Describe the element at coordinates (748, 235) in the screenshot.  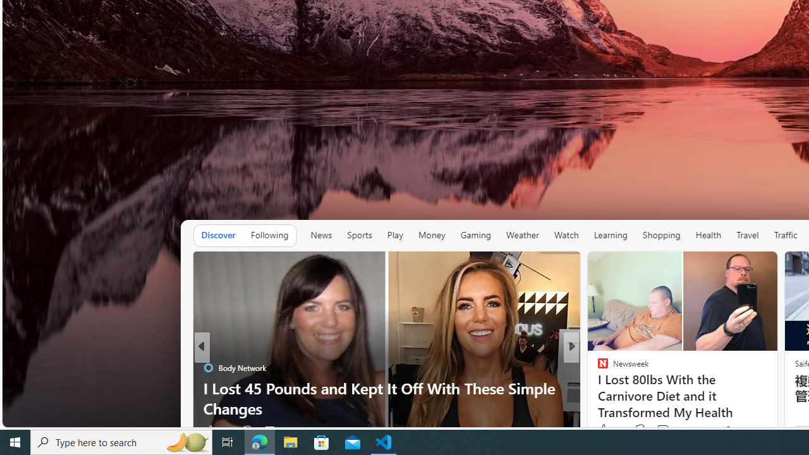
I see `'Travel'` at that location.